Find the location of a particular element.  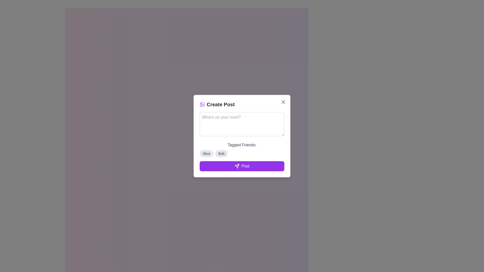

the image attachment icon located at the start of the 'Create Post' title text, positioned on the left side and visually distinct from the adjacent text is located at coordinates (202, 104).